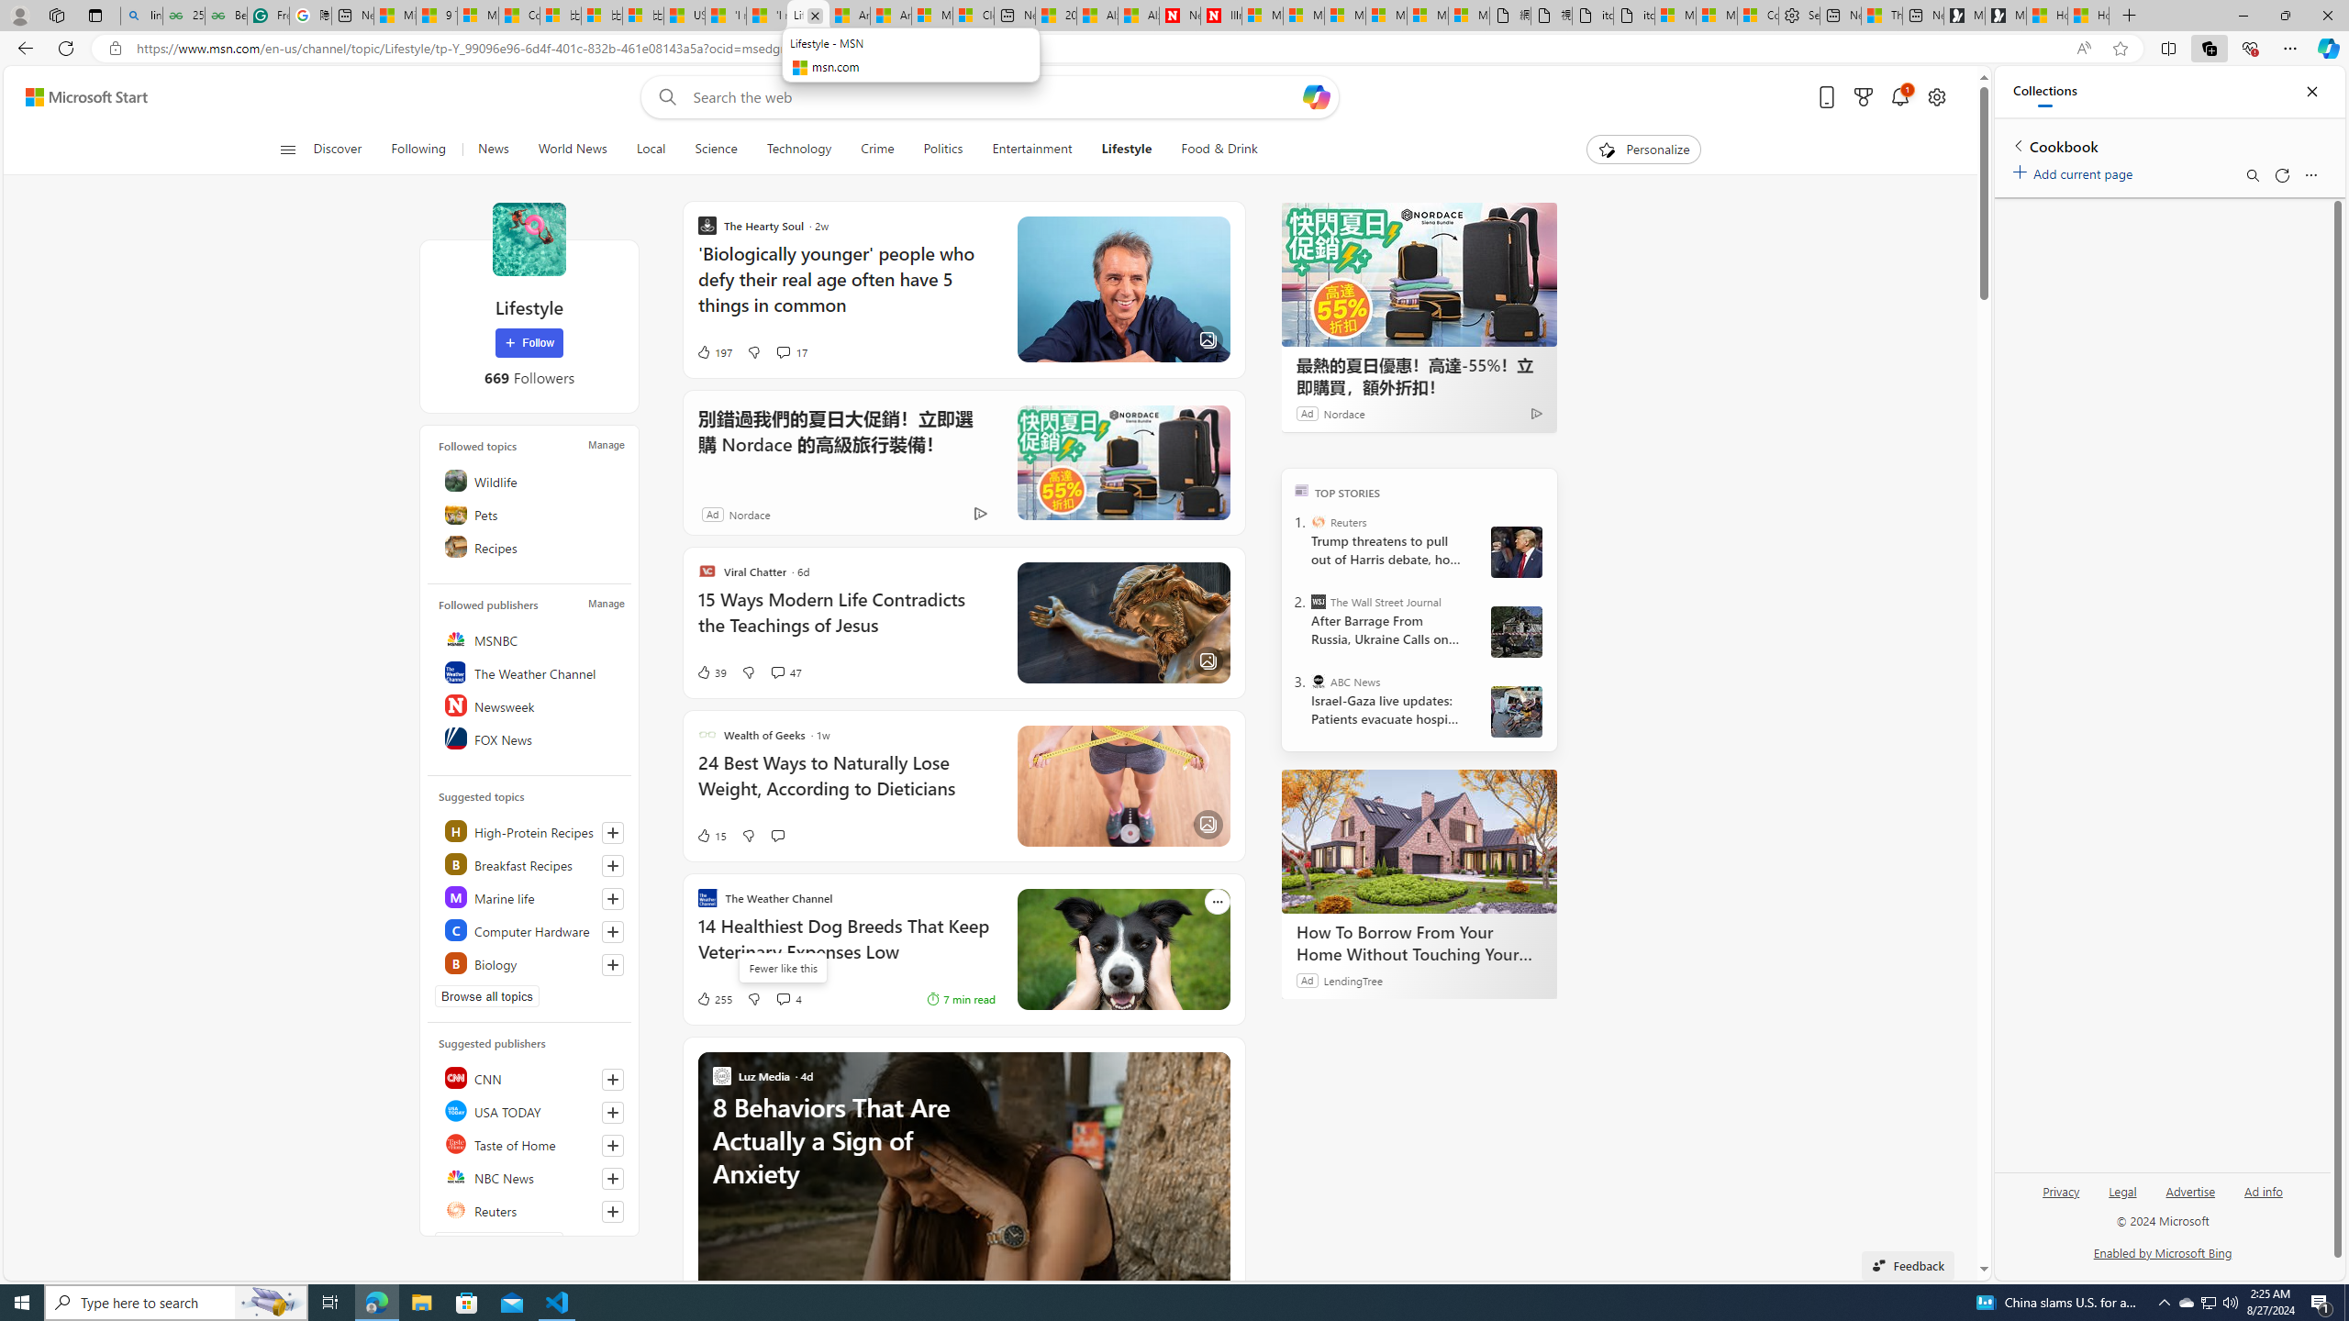  I want to click on 'View comments 47 Comment', so click(785, 671).